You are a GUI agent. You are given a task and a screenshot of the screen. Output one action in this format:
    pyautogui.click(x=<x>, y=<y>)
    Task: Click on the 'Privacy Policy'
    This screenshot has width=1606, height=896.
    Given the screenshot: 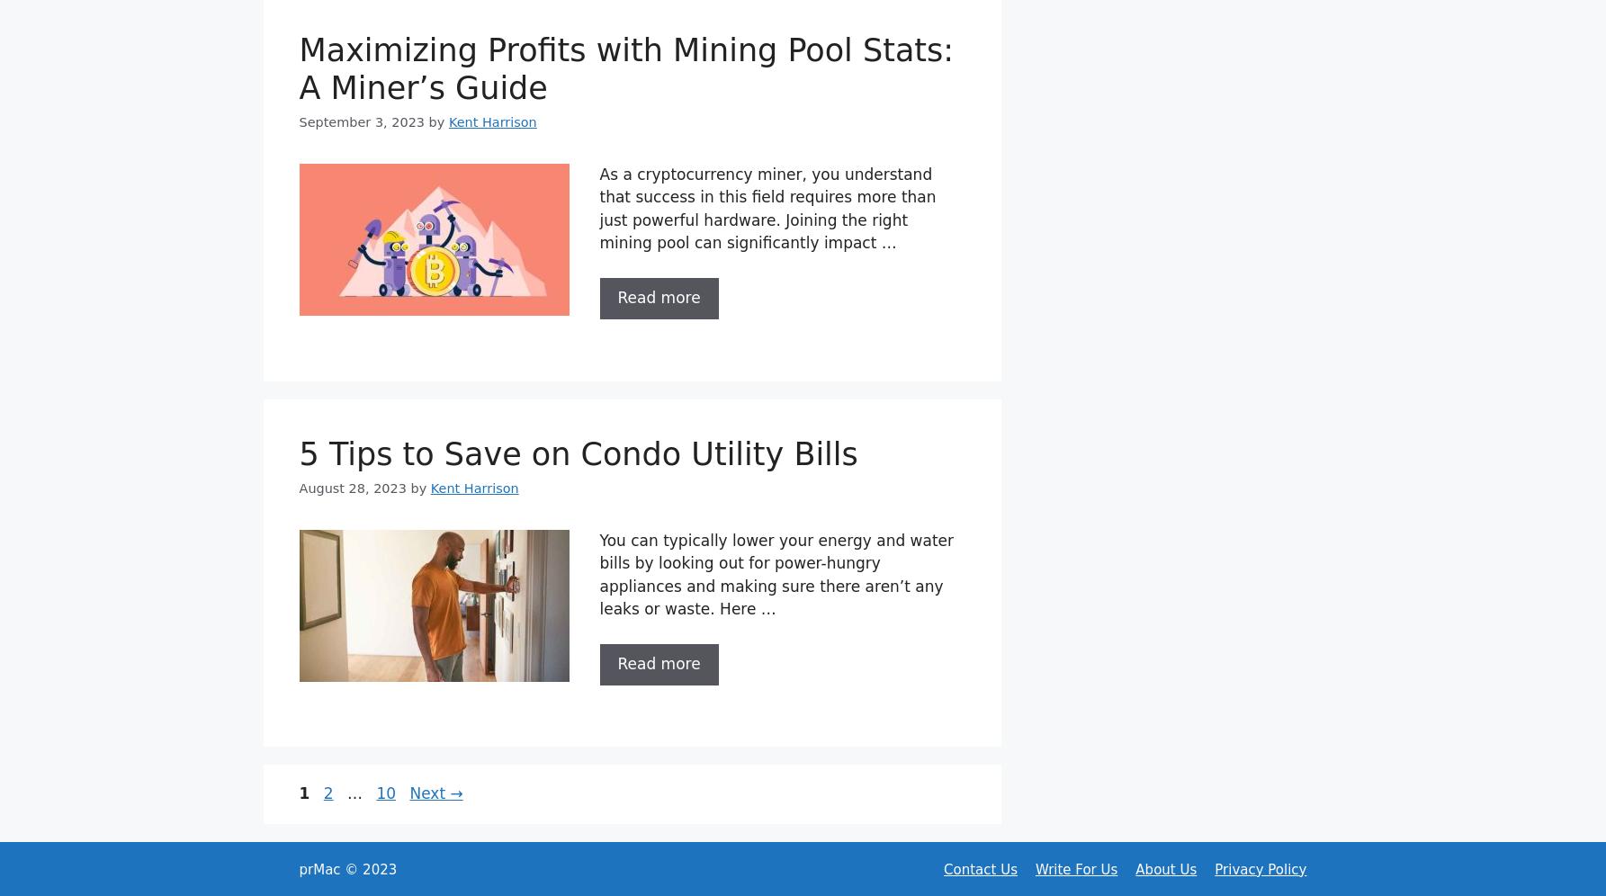 What is the action you would take?
    pyautogui.click(x=1261, y=868)
    